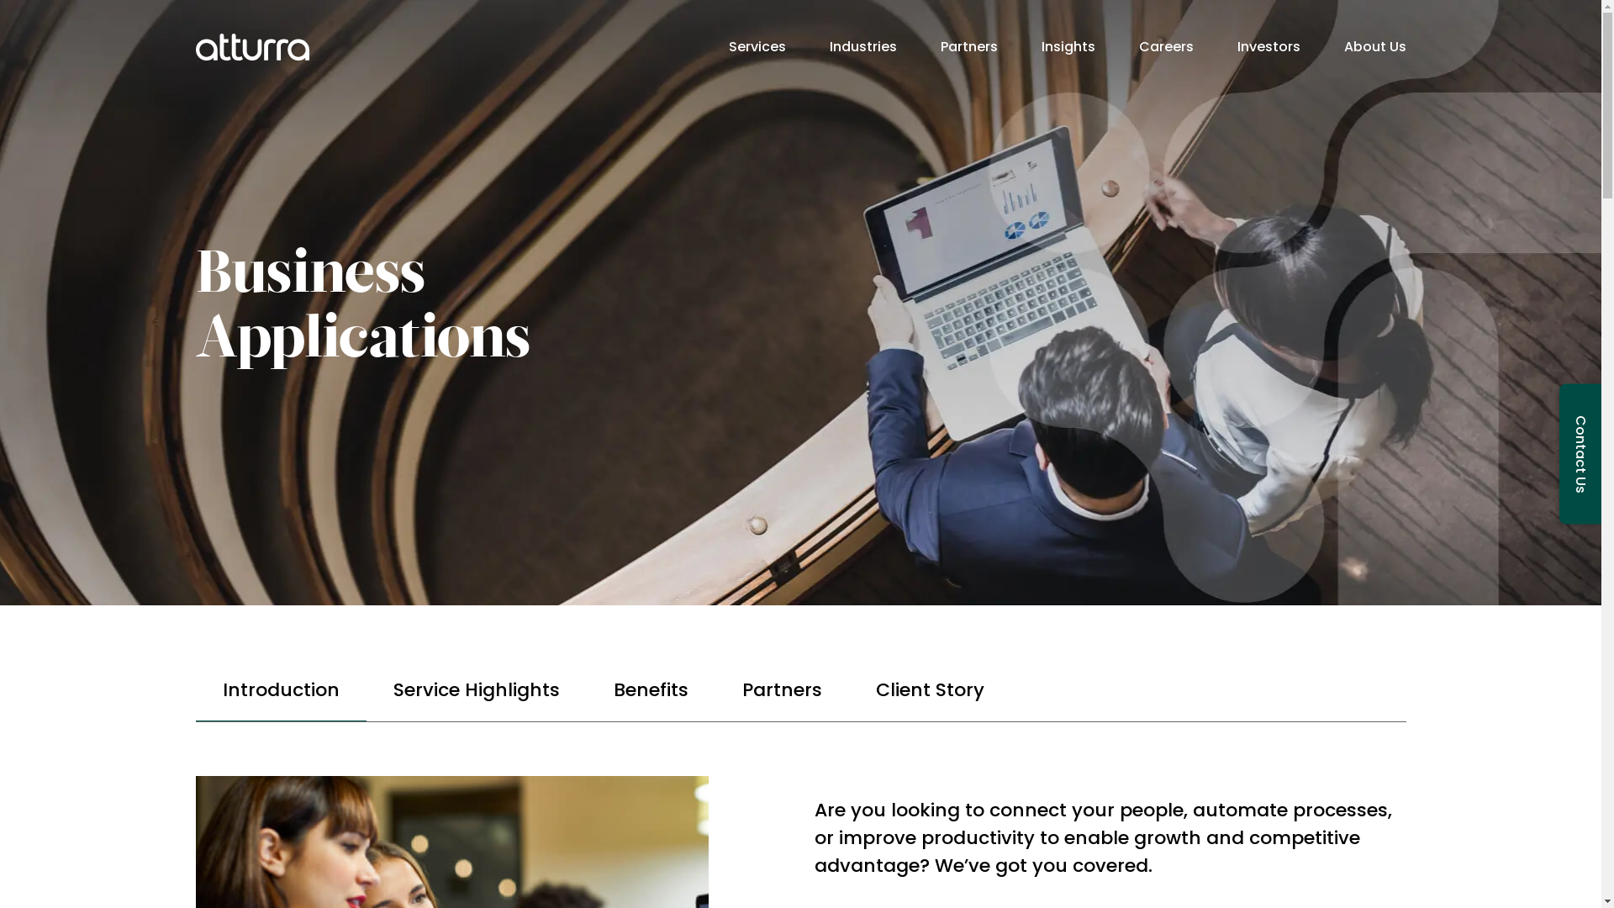  Describe the element at coordinates (929, 690) in the screenshot. I see `'Client Story'` at that location.